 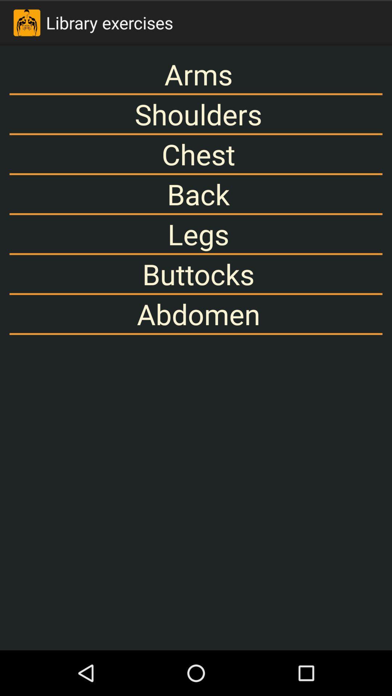 I want to click on the item above abdomen app, so click(x=196, y=274).